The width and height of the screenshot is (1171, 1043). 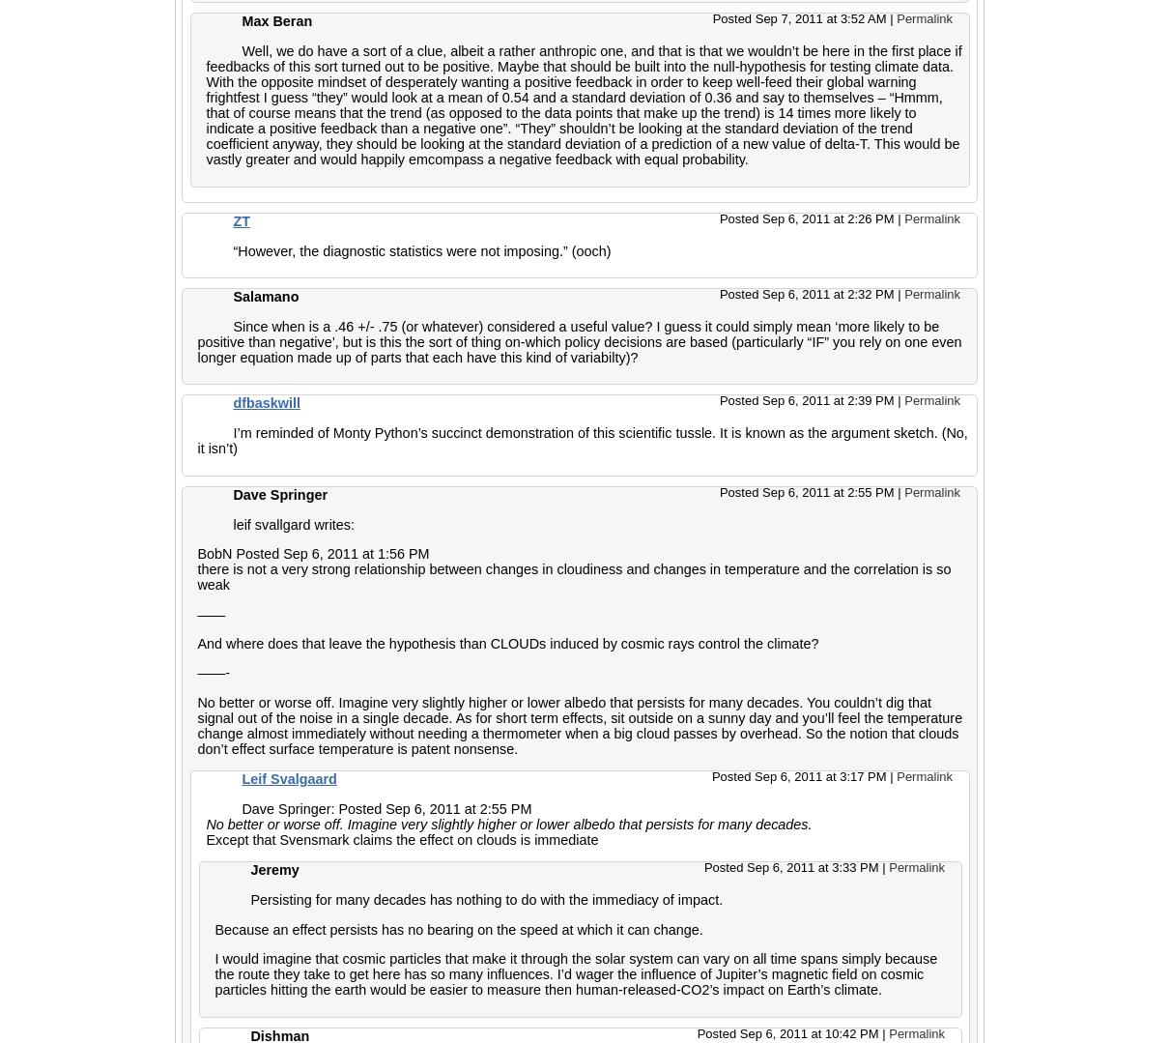 What do you see at coordinates (582, 440) in the screenshot?
I see `'I’m reminded of Monty Python’s succinct demonstration of this scientific tussle.  It is known as the argument sketch. (No, it isn’t)'` at bounding box center [582, 440].